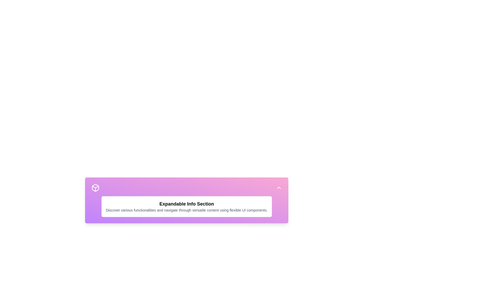  What do you see at coordinates (187, 212) in the screenshot?
I see `the Expandable Info Section card, which is embedded in a light purple gradient background and contains a bold black title and smaller gray text` at bounding box center [187, 212].